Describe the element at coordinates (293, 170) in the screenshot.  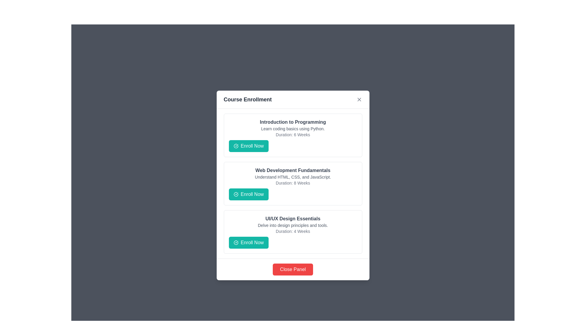
I see `the text label displaying the title of a specific course offering in the 'Course Enrollment' modal` at that location.